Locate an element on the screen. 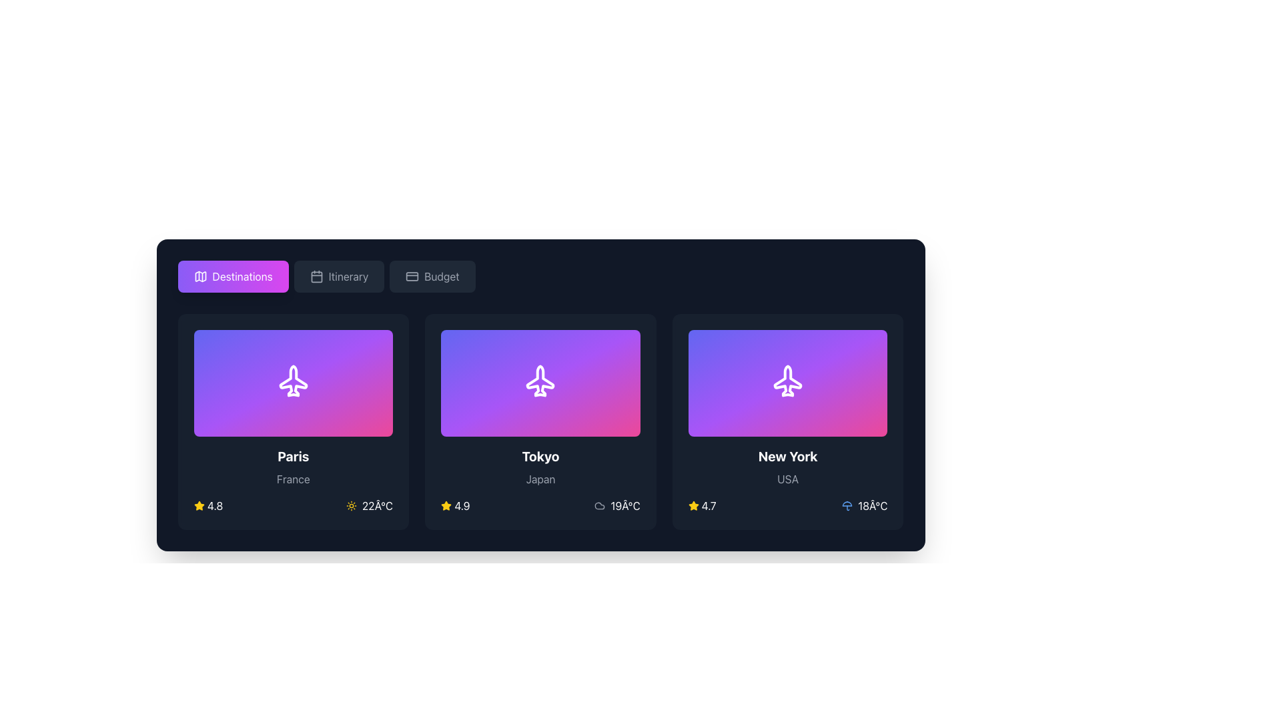 The width and height of the screenshot is (1281, 720). the label displaying 'USA' in gray font, located below the 'New York' text within the card representing the city is located at coordinates (788, 478).